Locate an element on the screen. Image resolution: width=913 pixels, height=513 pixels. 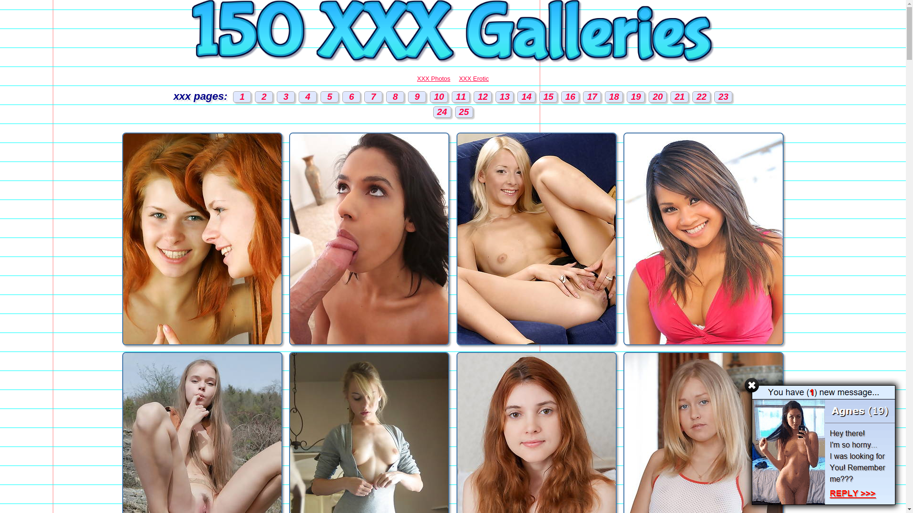
'6' is located at coordinates (342, 97).